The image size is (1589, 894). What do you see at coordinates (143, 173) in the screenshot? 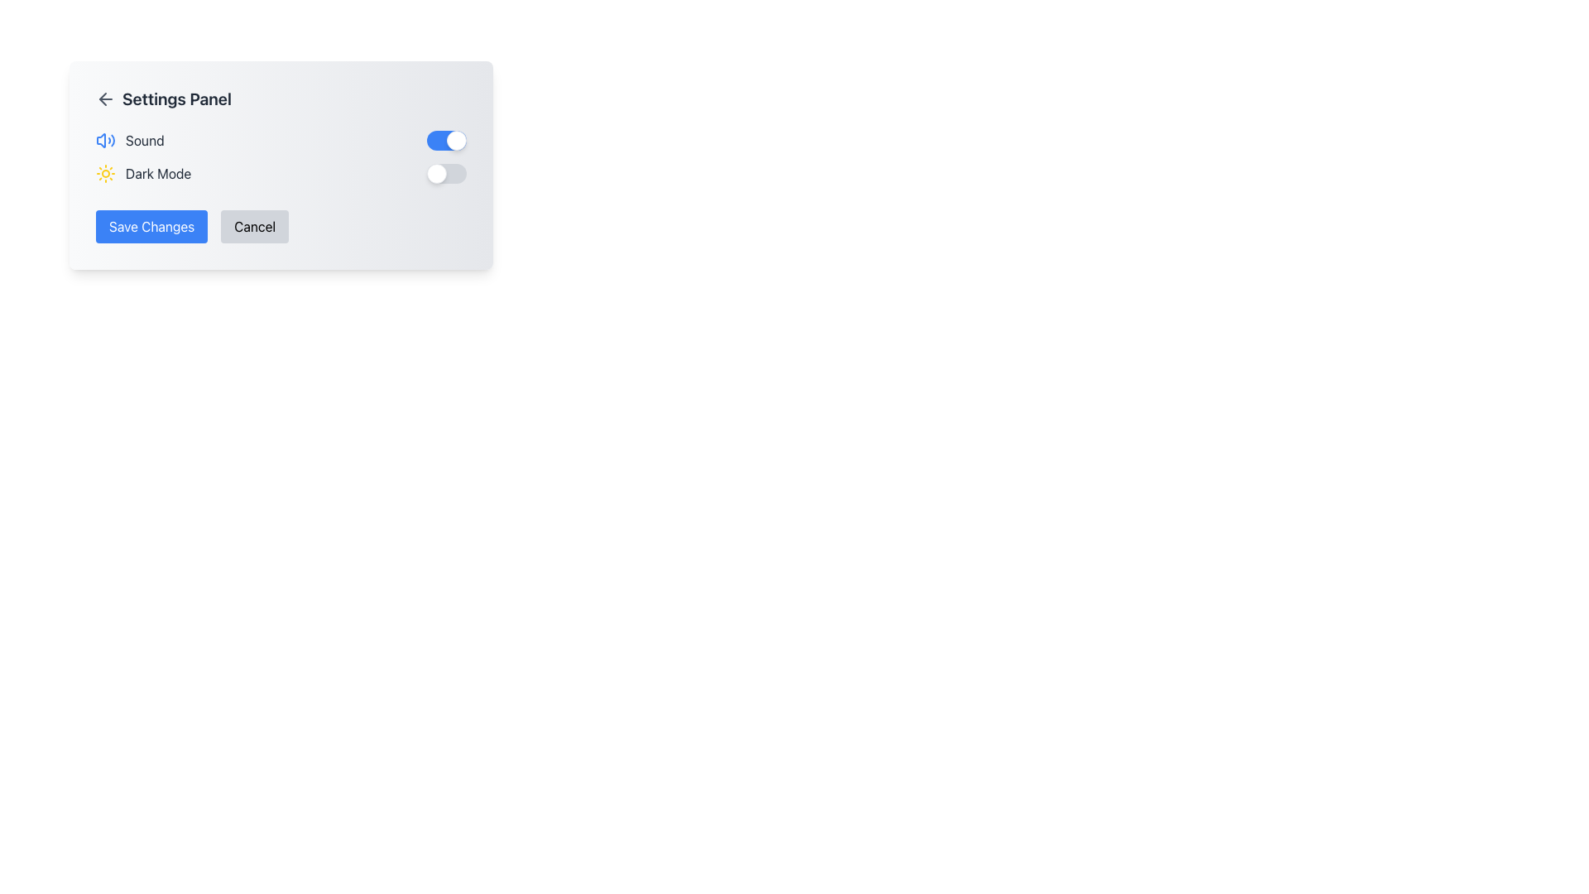
I see `the static label with a sun icon and the text 'Dark Mode' in the Settings Panel` at bounding box center [143, 173].